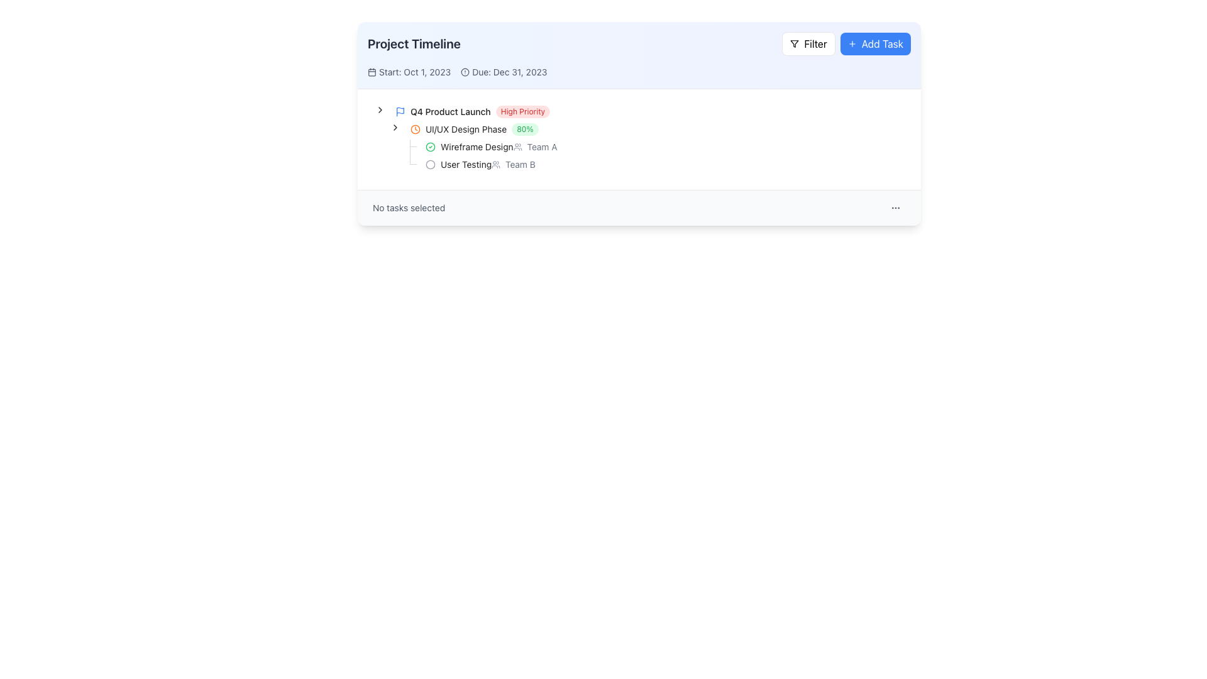 This screenshot has height=679, width=1207. I want to click on the SVG element that is part of the calendar icon located in the top-left section of the interface, near the 'Start: Oct 1, 2023' text, so click(371, 72).